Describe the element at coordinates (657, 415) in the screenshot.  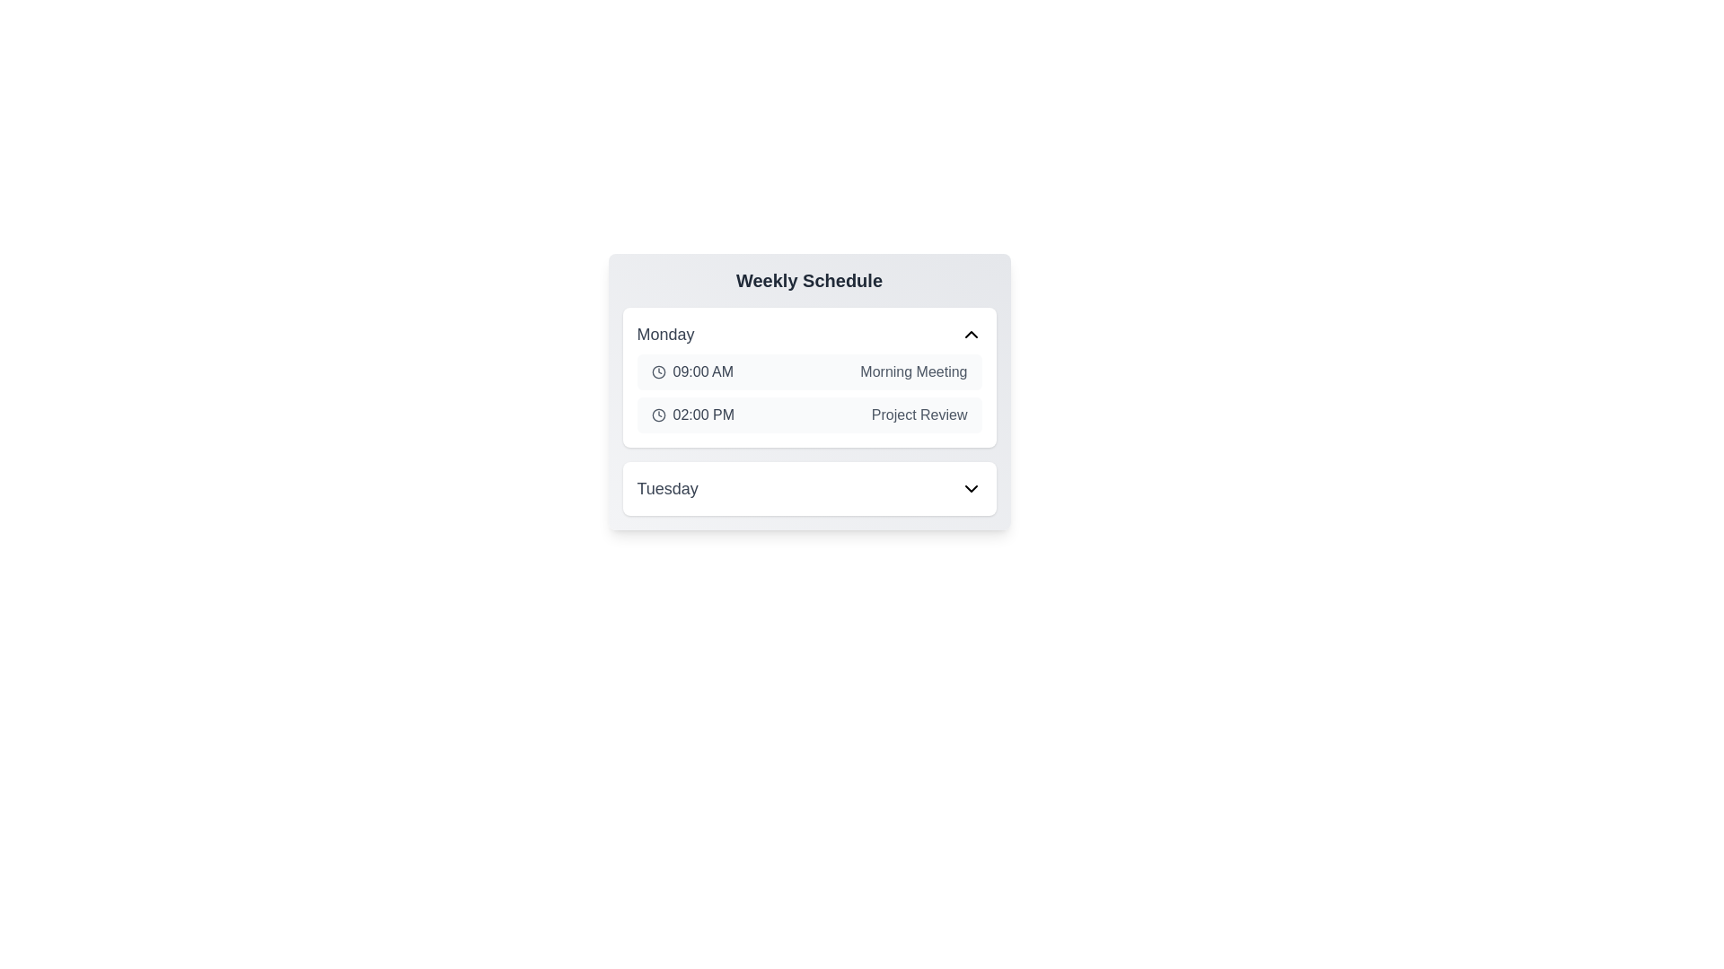
I see `the clock icon located to the left of the '02:00 PM' time in the 'Weekly Schedule' panel under the 'Monday' section` at that location.